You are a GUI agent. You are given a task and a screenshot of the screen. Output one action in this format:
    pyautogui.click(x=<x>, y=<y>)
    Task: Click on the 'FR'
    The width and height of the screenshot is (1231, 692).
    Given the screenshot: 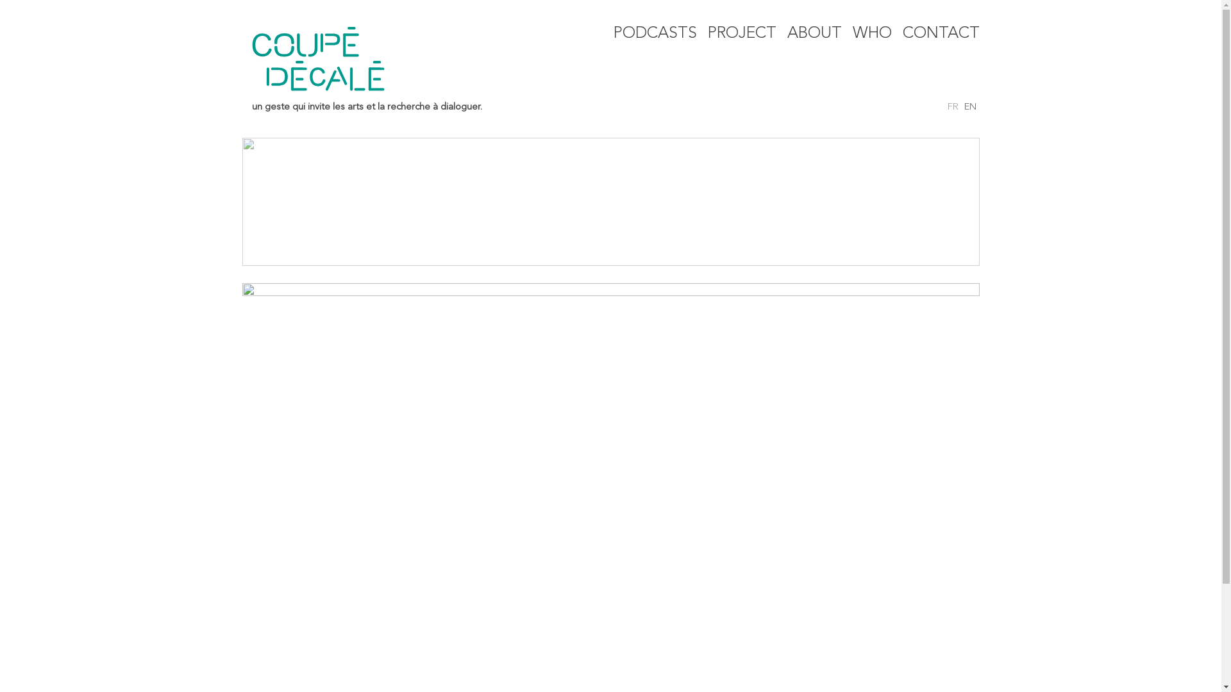 What is the action you would take?
    pyautogui.click(x=953, y=106)
    